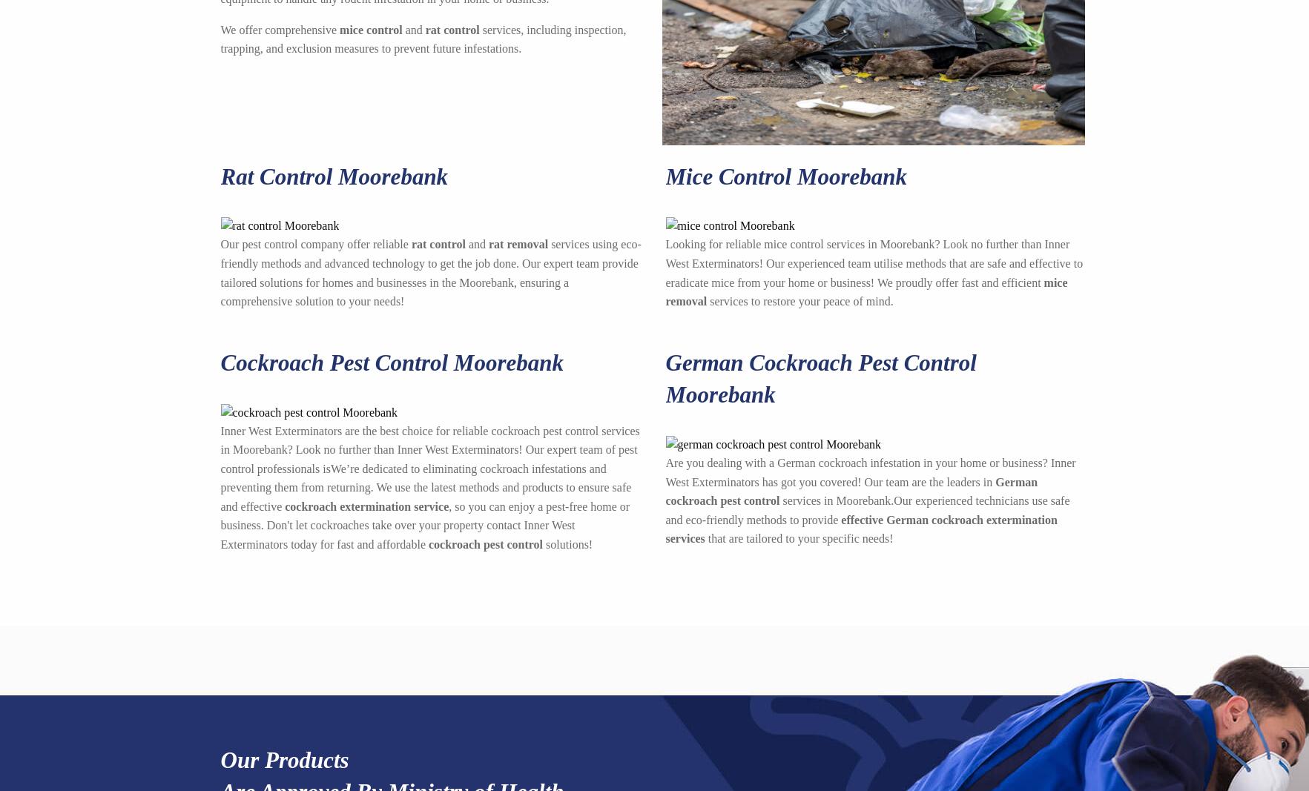 The width and height of the screenshot is (1309, 791). What do you see at coordinates (423, 525) in the screenshot?
I see `', so you can enjoy a pest-free home or business. Don't let cockroaches take over your property contact Inner West Exterminators today for fast and affordable'` at bounding box center [423, 525].